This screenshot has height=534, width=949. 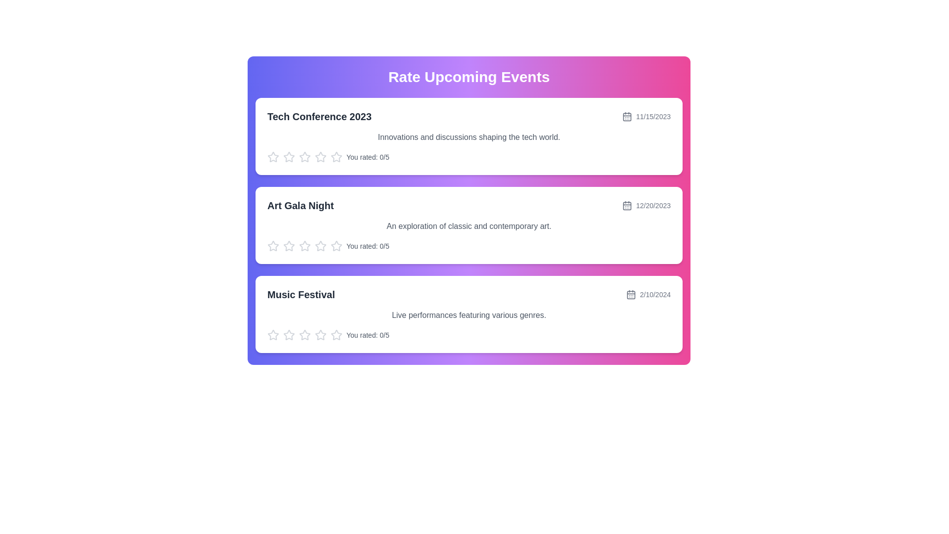 I want to click on the first star-shaped interactive icon with a hollow border and light gray color, located in the rating row under the 'Music Festival' event card, so click(x=304, y=334).